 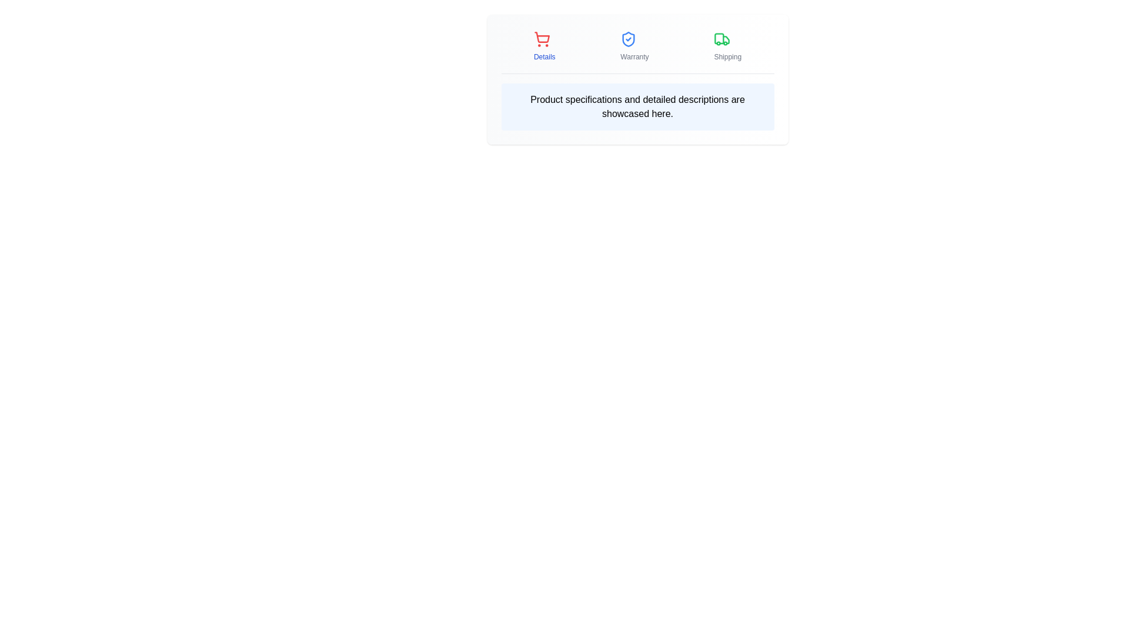 What do you see at coordinates (634, 45) in the screenshot?
I see `the Warranty tab` at bounding box center [634, 45].